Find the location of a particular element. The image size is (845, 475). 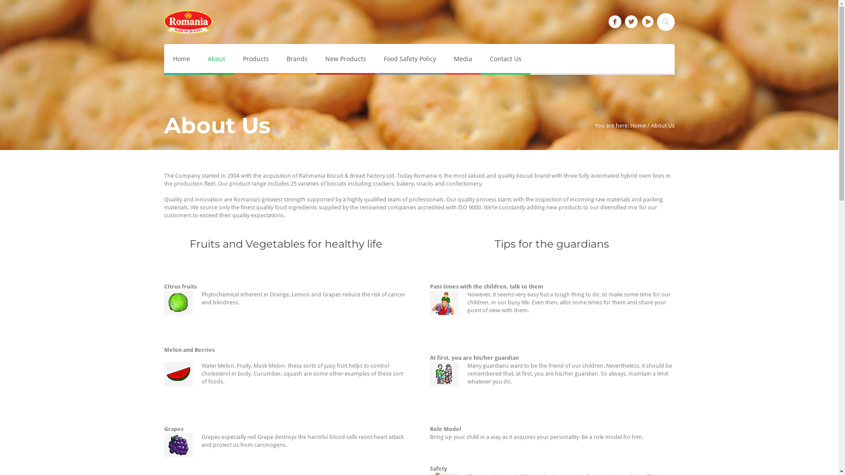

'Twitter' is located at coordinates (631, 22).